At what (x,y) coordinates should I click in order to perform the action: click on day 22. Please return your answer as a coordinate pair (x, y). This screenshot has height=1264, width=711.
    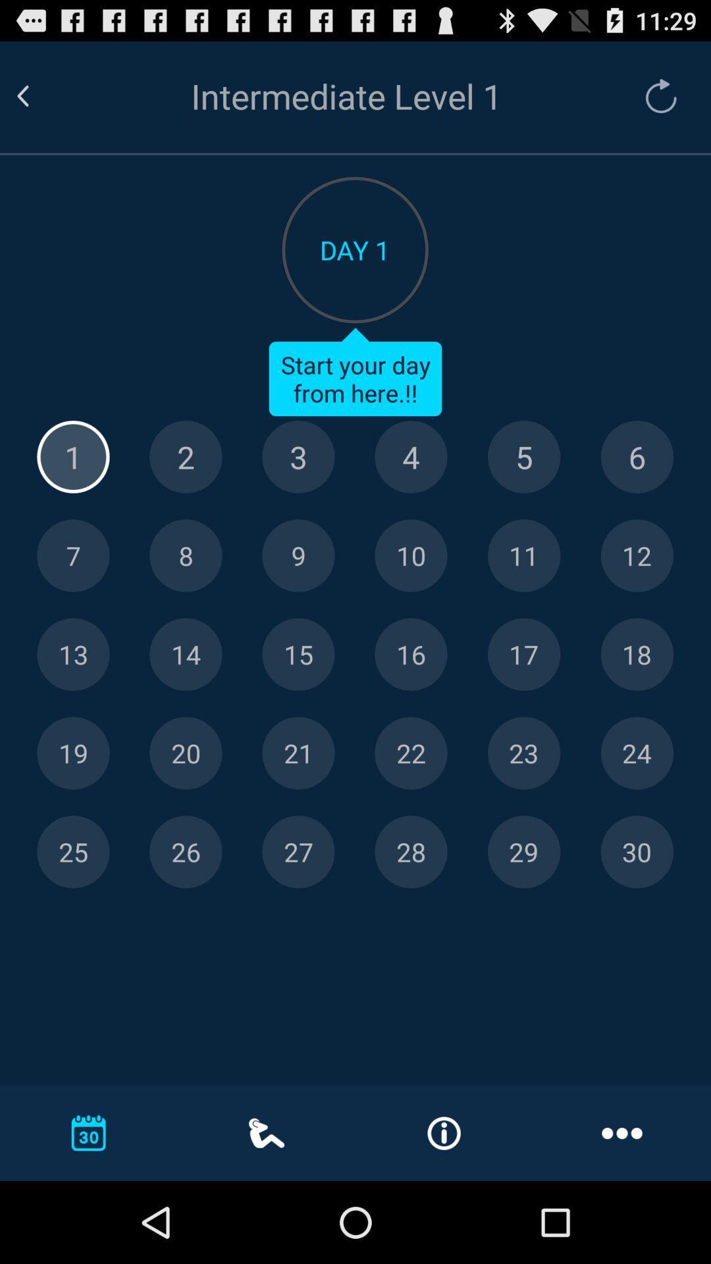
    Looking at the image, I should click on (410, 753).